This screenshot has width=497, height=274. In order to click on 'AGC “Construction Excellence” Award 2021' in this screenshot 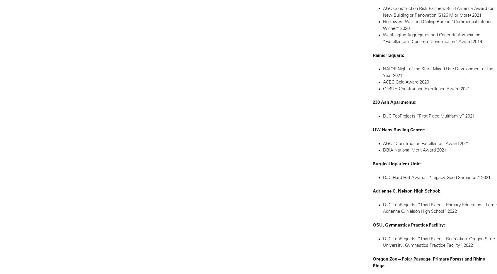, I will do `click(425, 143)`.